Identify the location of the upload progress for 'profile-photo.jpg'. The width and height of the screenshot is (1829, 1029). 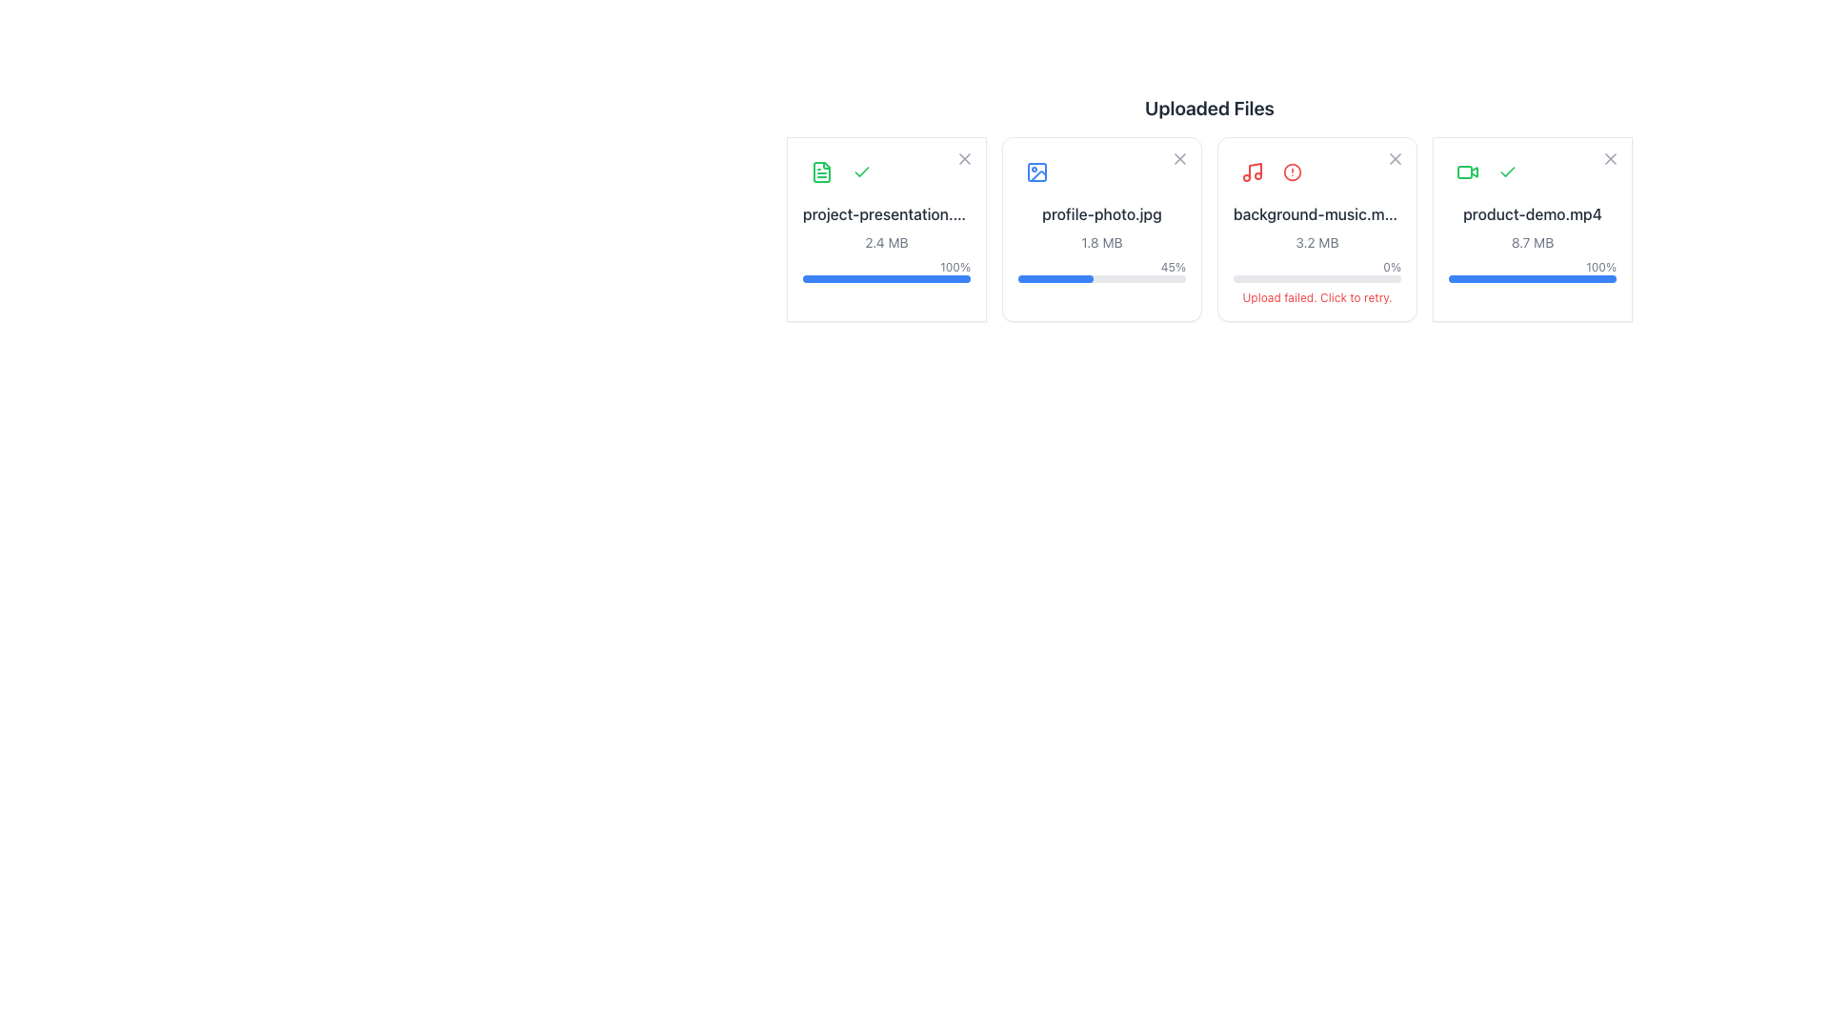
(1136, 279).